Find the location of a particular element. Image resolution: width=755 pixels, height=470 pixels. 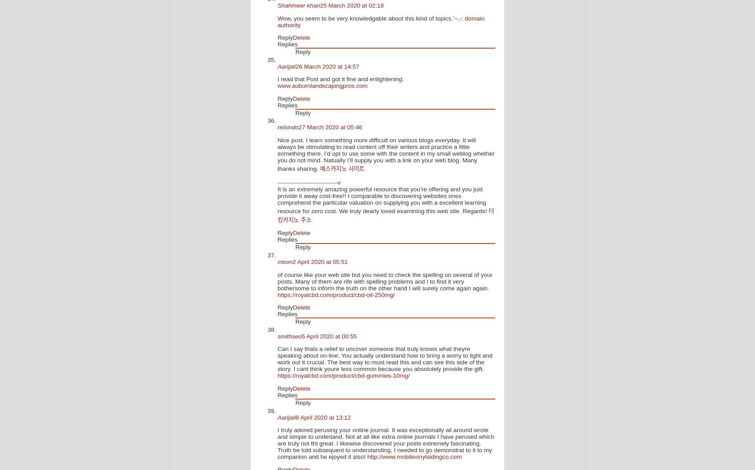

'domain authority' is located at coordinates (380, 21).